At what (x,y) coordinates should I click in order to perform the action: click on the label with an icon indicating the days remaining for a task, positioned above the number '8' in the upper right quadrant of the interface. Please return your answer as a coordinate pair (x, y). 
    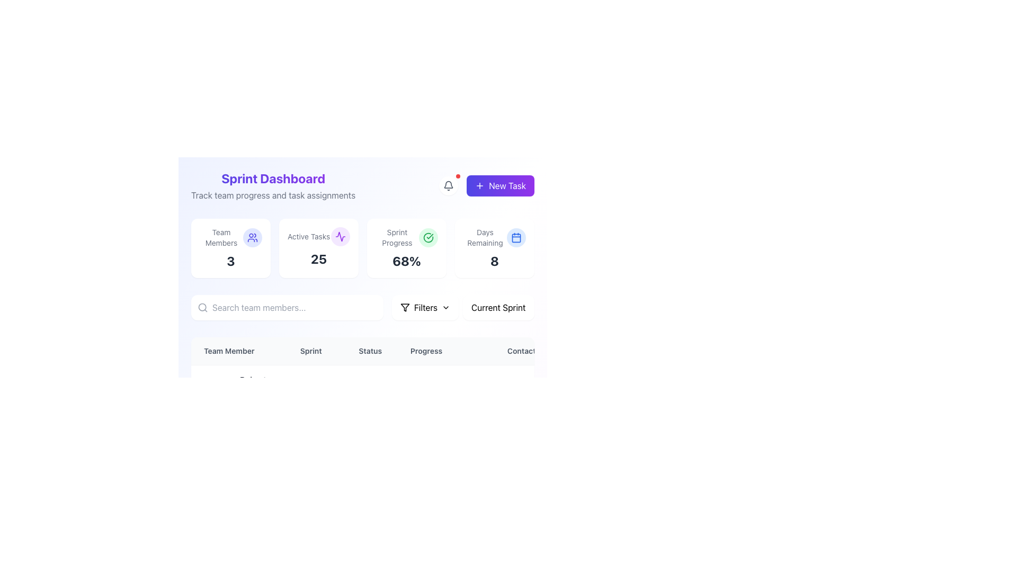
    Looking at the image, I should click on (494, 237).